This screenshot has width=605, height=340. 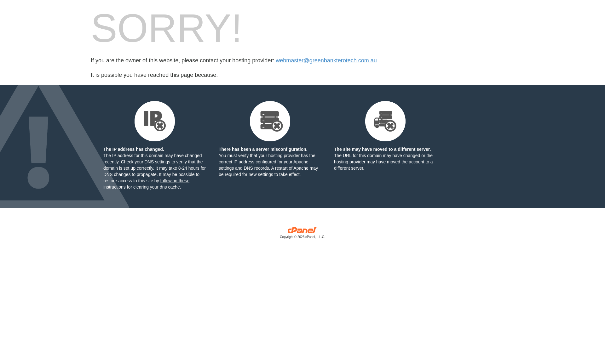 I want to click on 'webmaster@greenbankterotech.com.au', so click(x=326, y=60).